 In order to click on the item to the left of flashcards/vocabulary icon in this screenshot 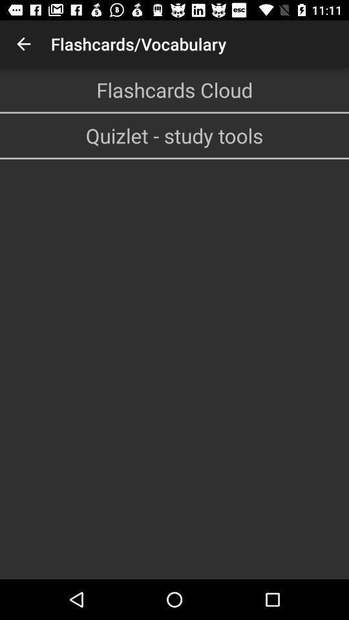, I will do `click(23, 44)`.